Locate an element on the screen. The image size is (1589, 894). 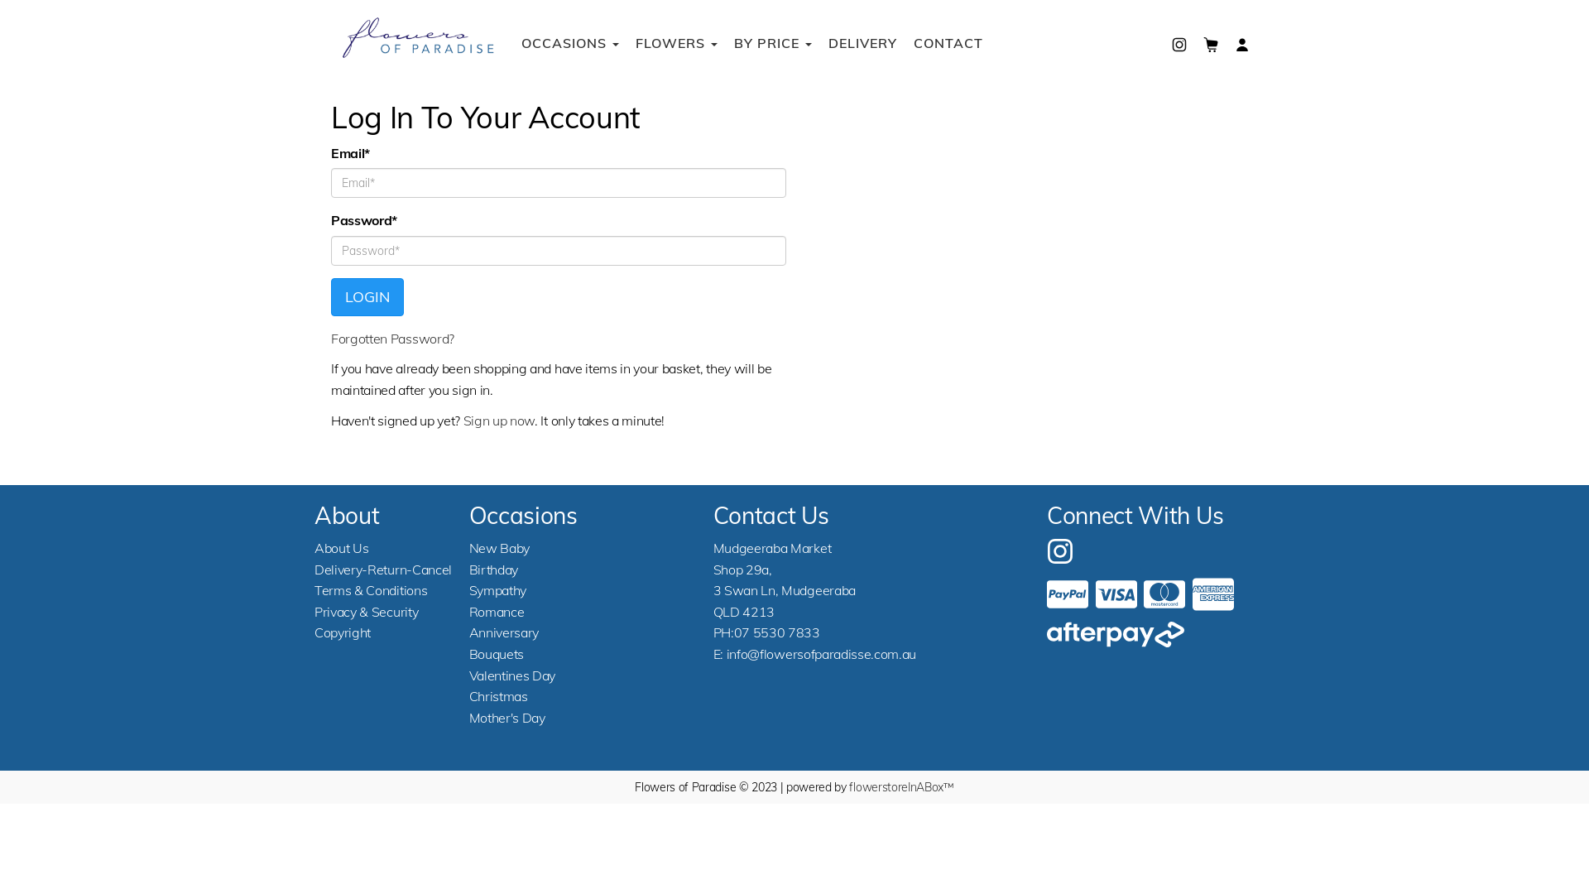
'Birthday' is located at coordinates (492, 568).